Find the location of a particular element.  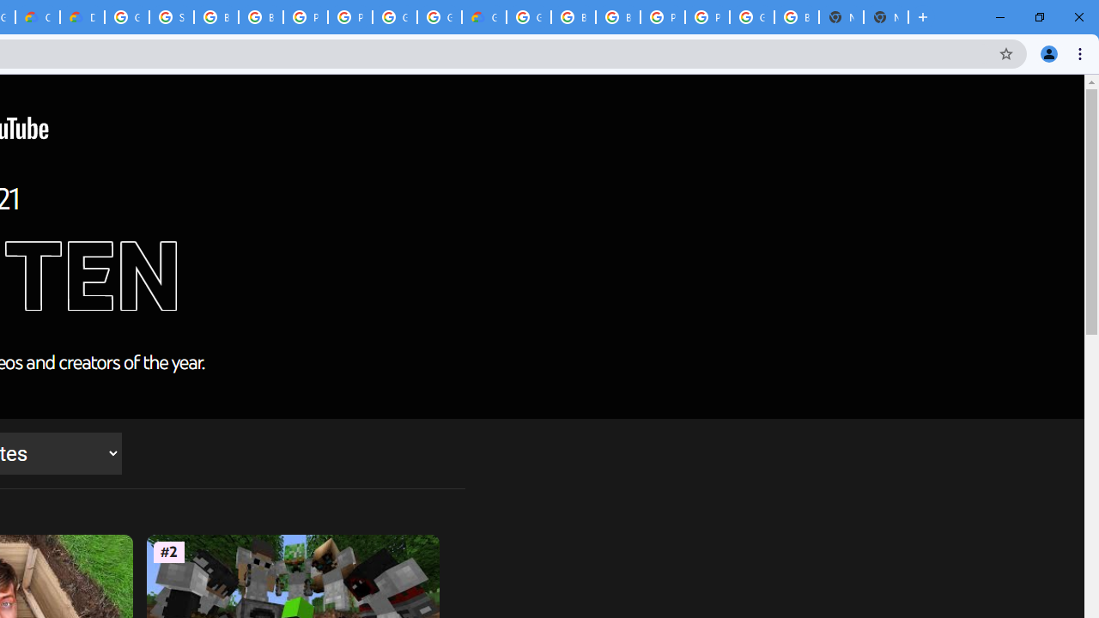

'Google Cloud Platform' is located at coordinates (440, 17).